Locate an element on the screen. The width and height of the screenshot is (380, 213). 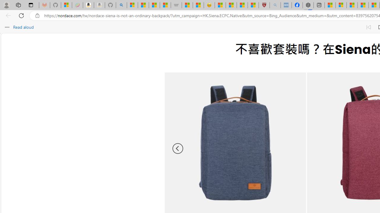
'Previous' is located at coordinates (178, 148).